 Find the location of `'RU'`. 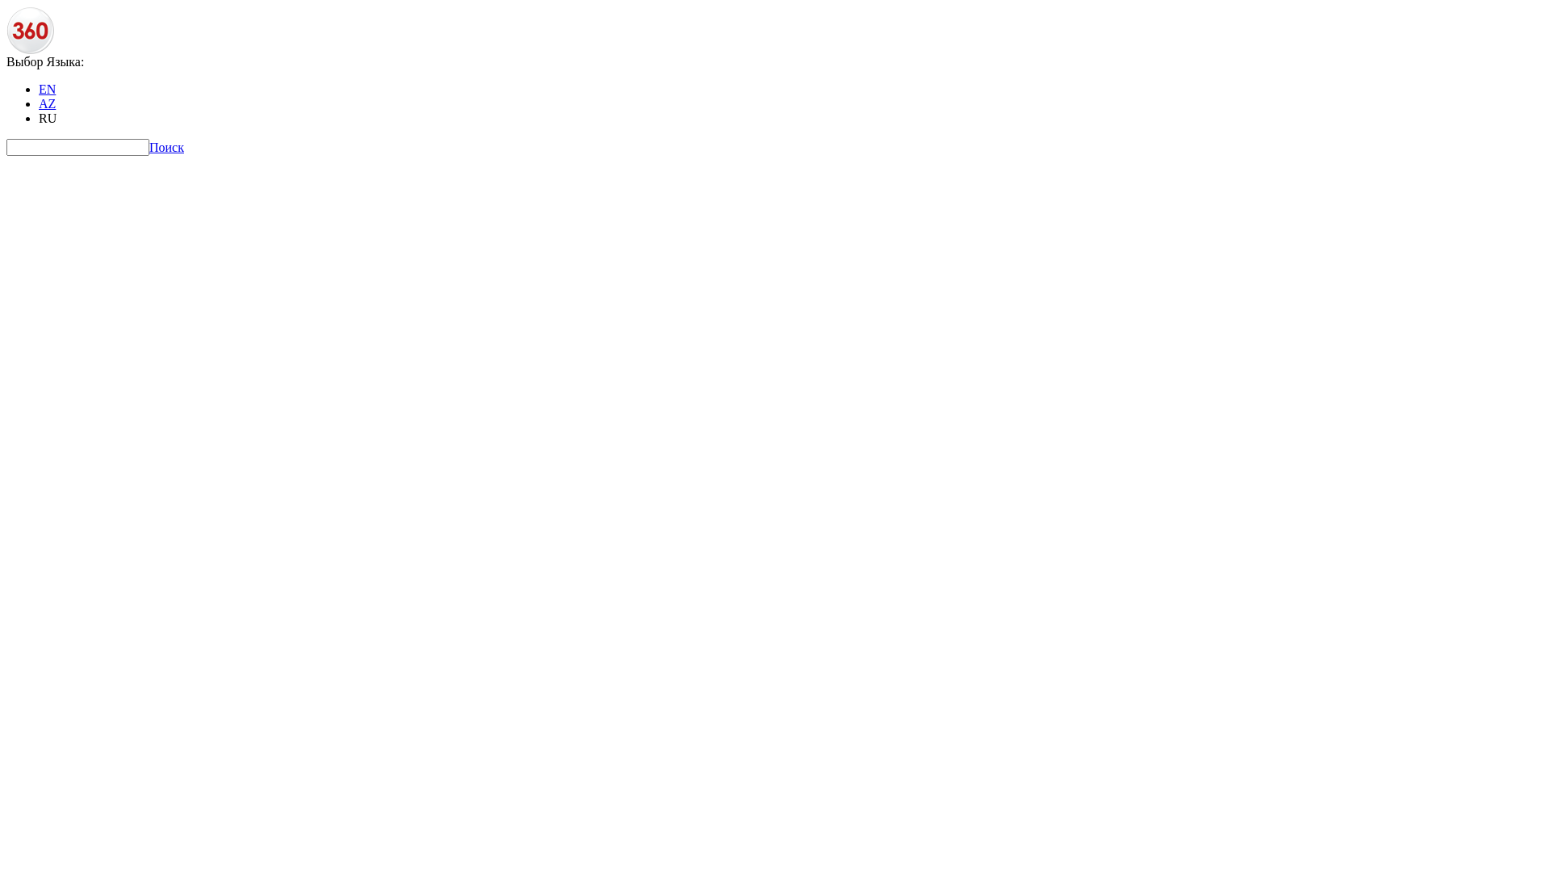

'RU' is located at coordinates (47, 117).